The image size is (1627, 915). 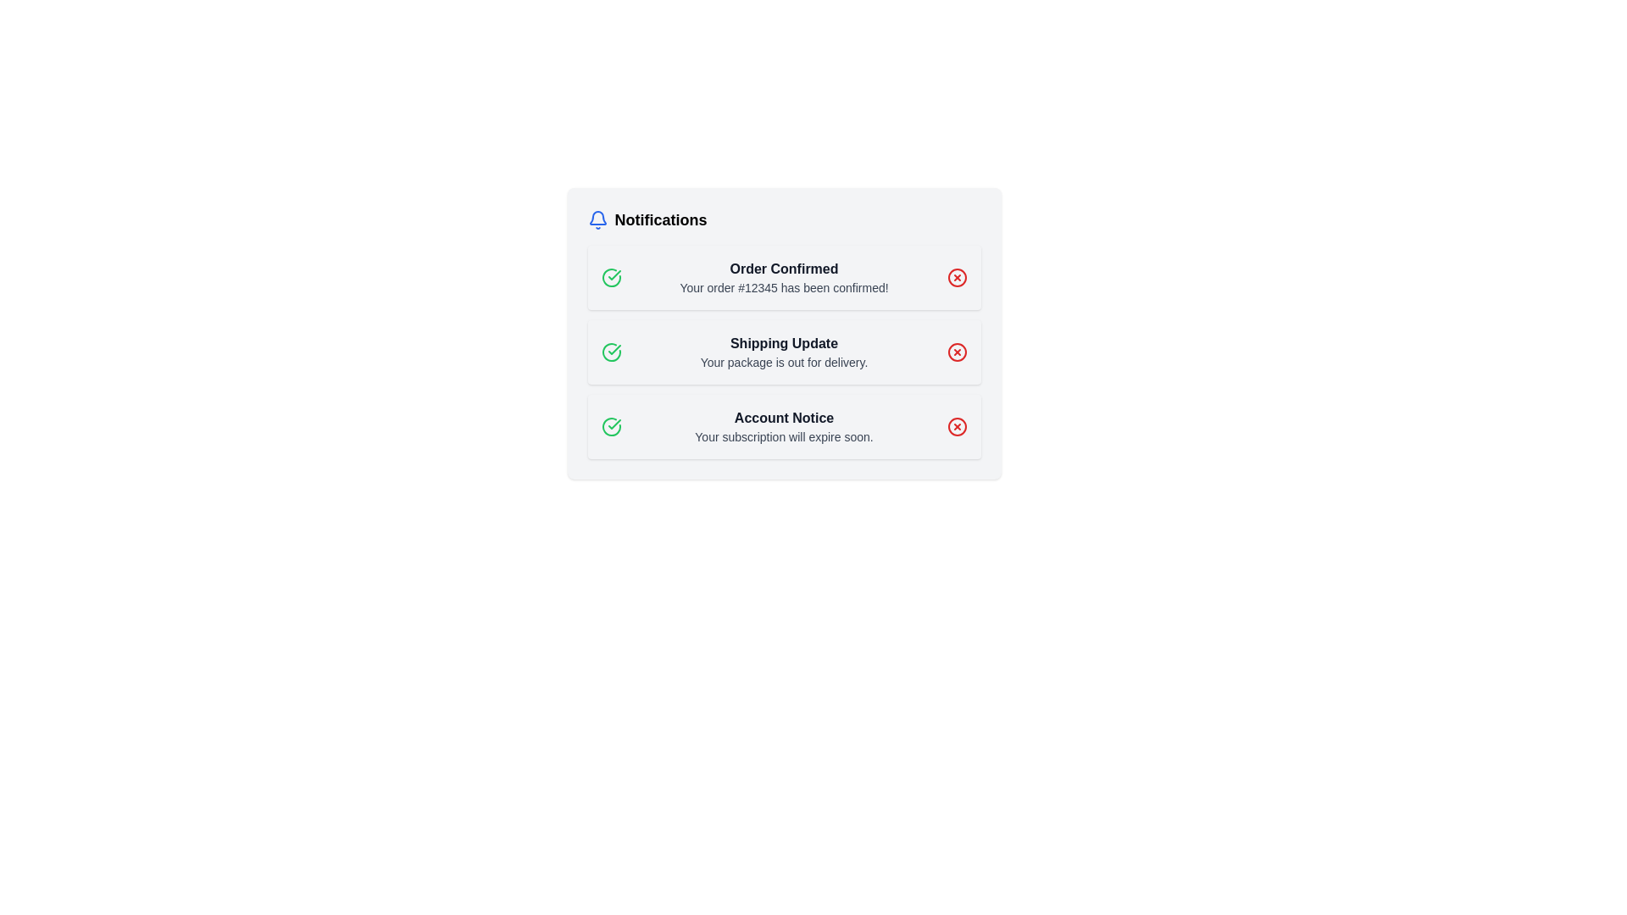 What do you see at coordinates (610, 276) in the screenshot?
I see `the outer circular portion of the green stroke checkmark icon located to the left of the 'Shipping Update' notification in the second entry of the notification list` at bounding box center [610, 276].